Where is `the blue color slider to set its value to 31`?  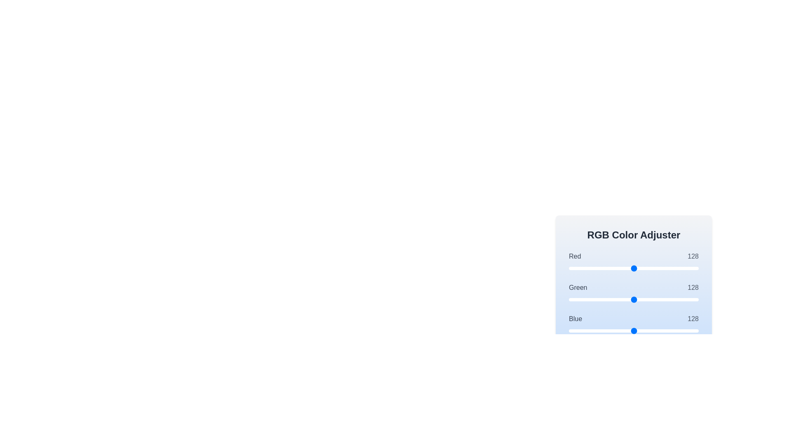
the blue color slider to set its value to 31 is located at coordinates (584, 331).